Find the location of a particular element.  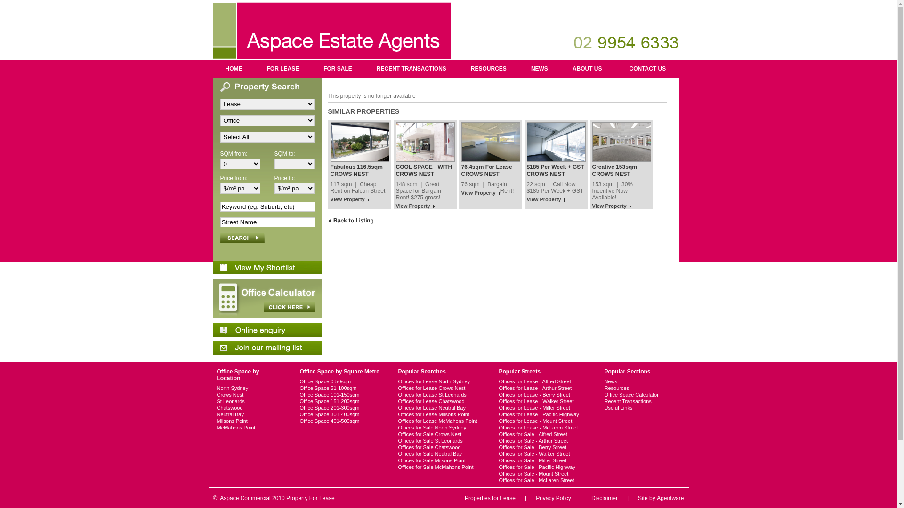

'Offices for Sale North Sydney' is located at coordinates (398, 428).